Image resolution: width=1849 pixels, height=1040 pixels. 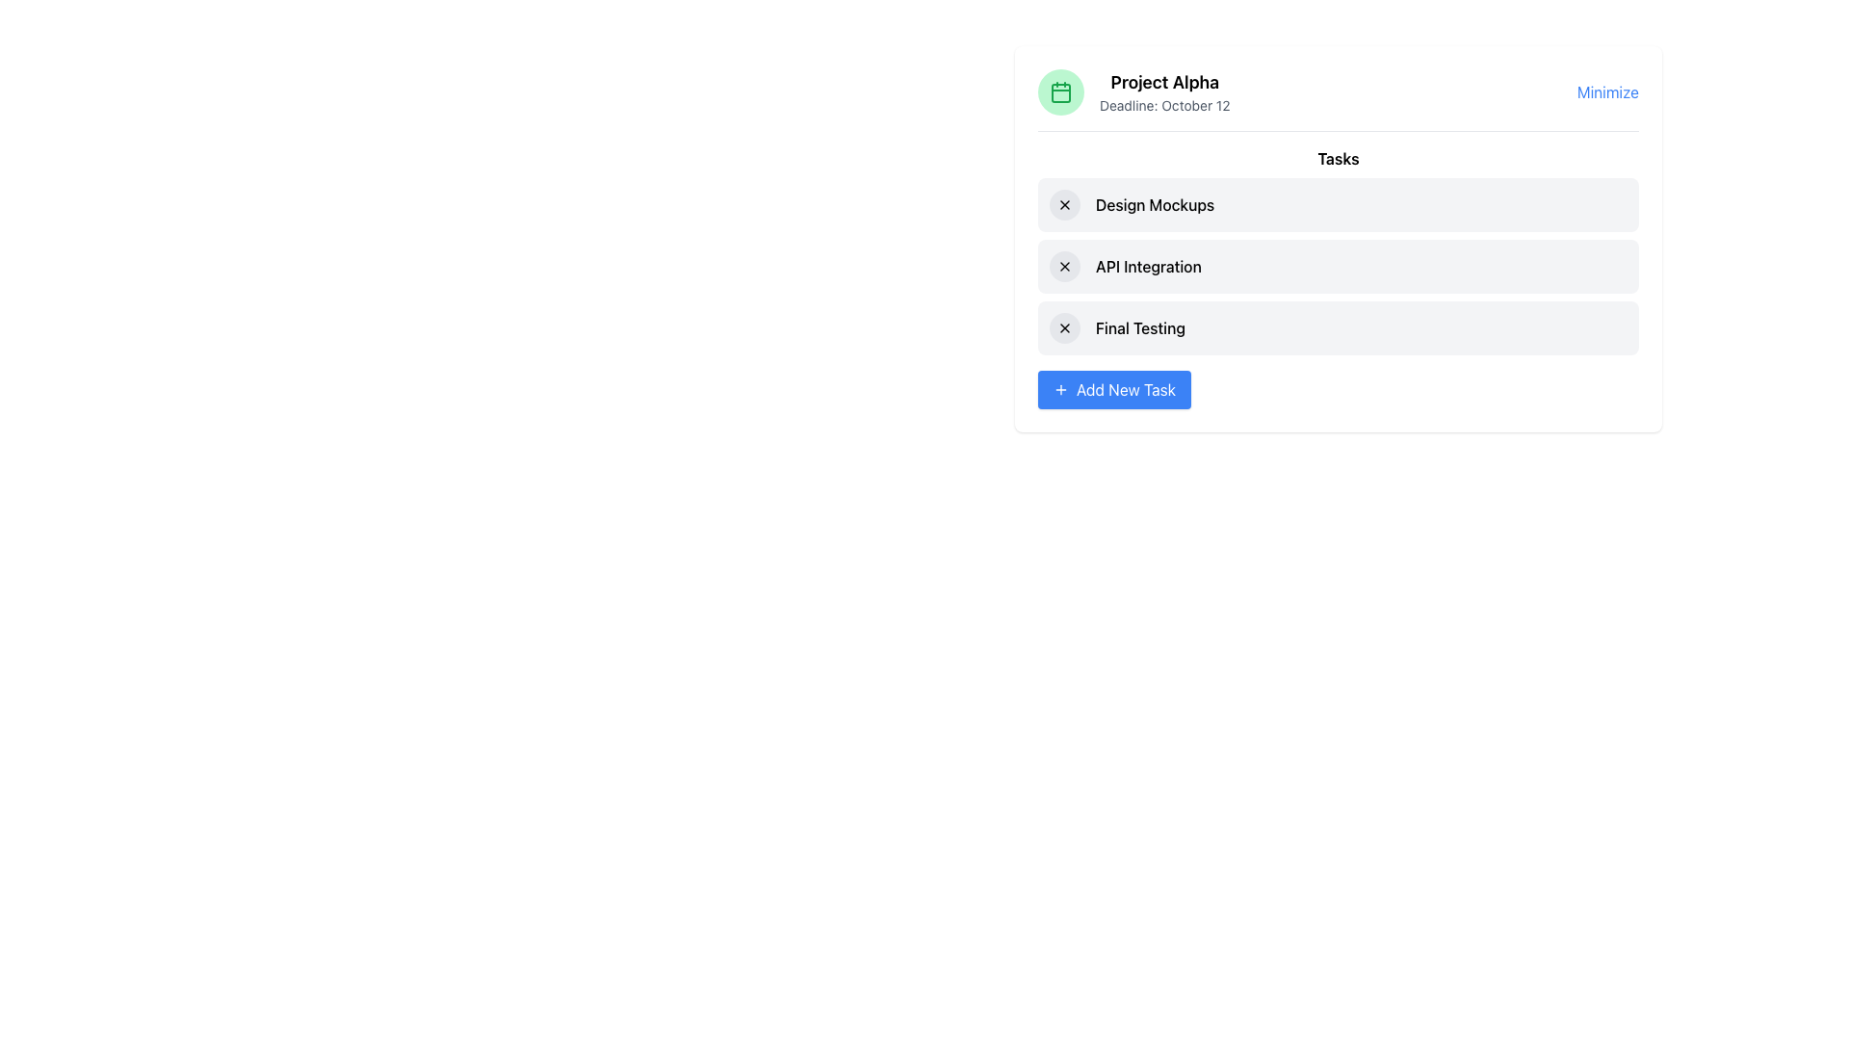 I want to click on the 'Add New Task' button located at the bottom of the 'Tasks' section, so click(x=1114, y=390).